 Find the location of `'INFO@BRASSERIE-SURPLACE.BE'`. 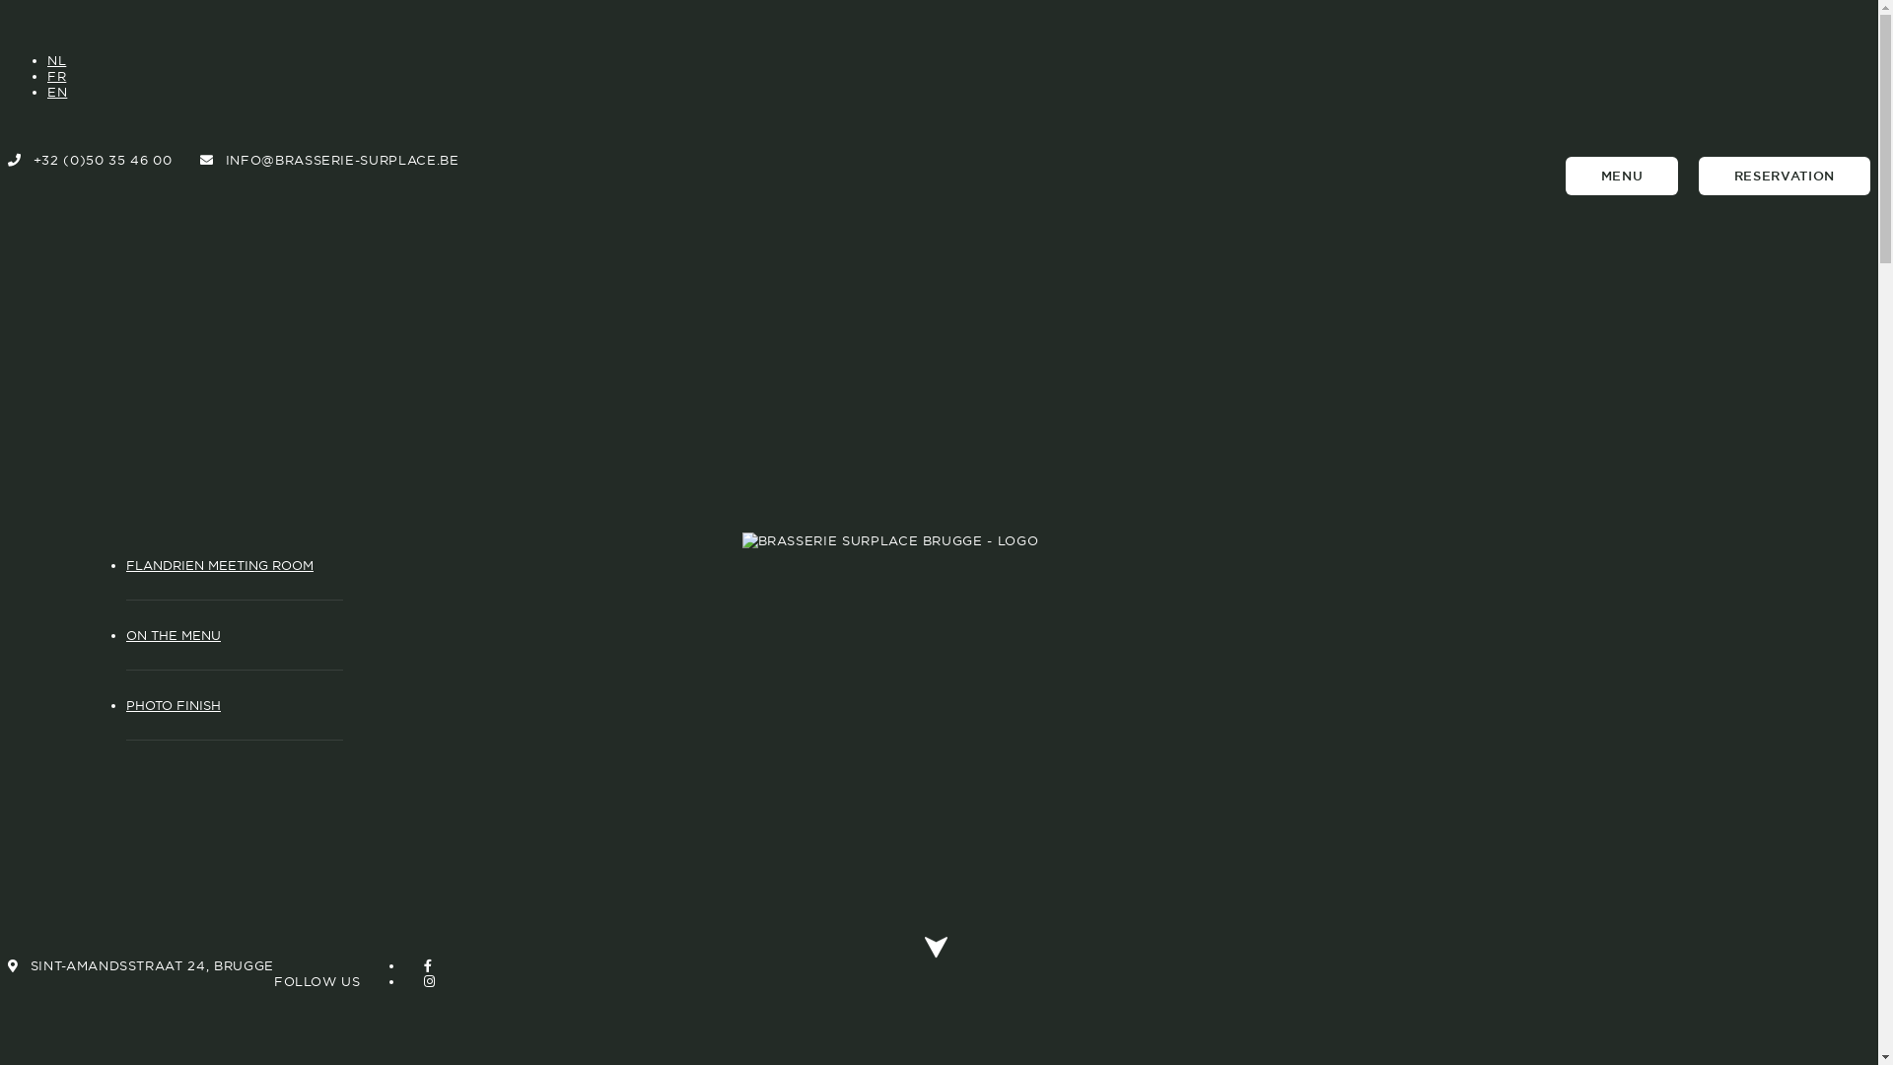

'INFO@BRASSERIE-SURPLACE.BE' is located at coordinates (329, 159).